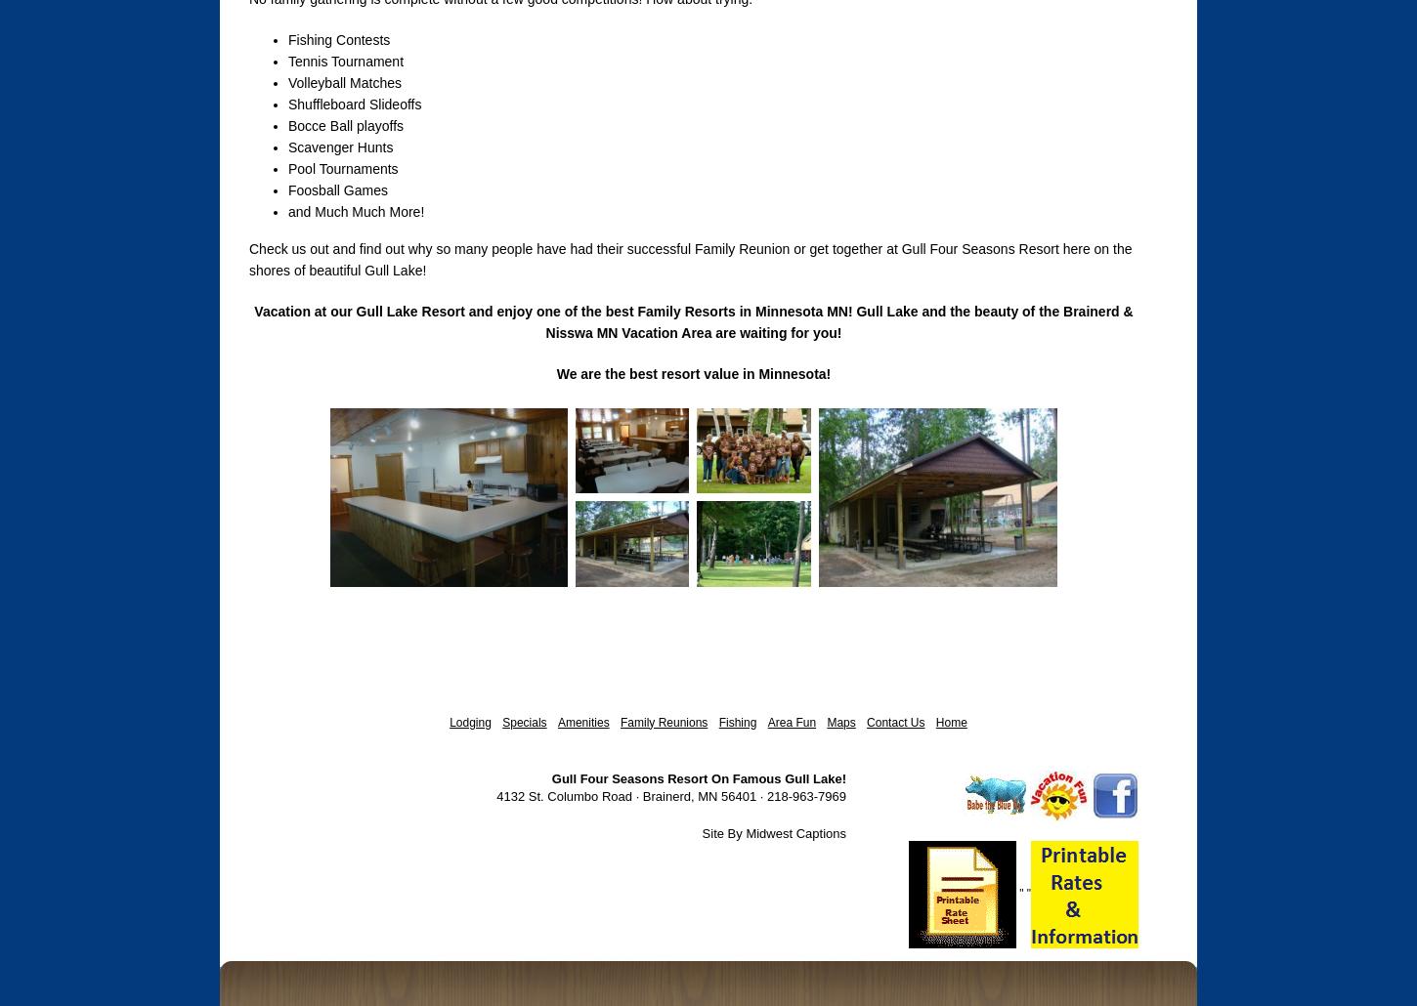  I want to click on 'We are the best resort value in Minnesota!', so click(692, 373).